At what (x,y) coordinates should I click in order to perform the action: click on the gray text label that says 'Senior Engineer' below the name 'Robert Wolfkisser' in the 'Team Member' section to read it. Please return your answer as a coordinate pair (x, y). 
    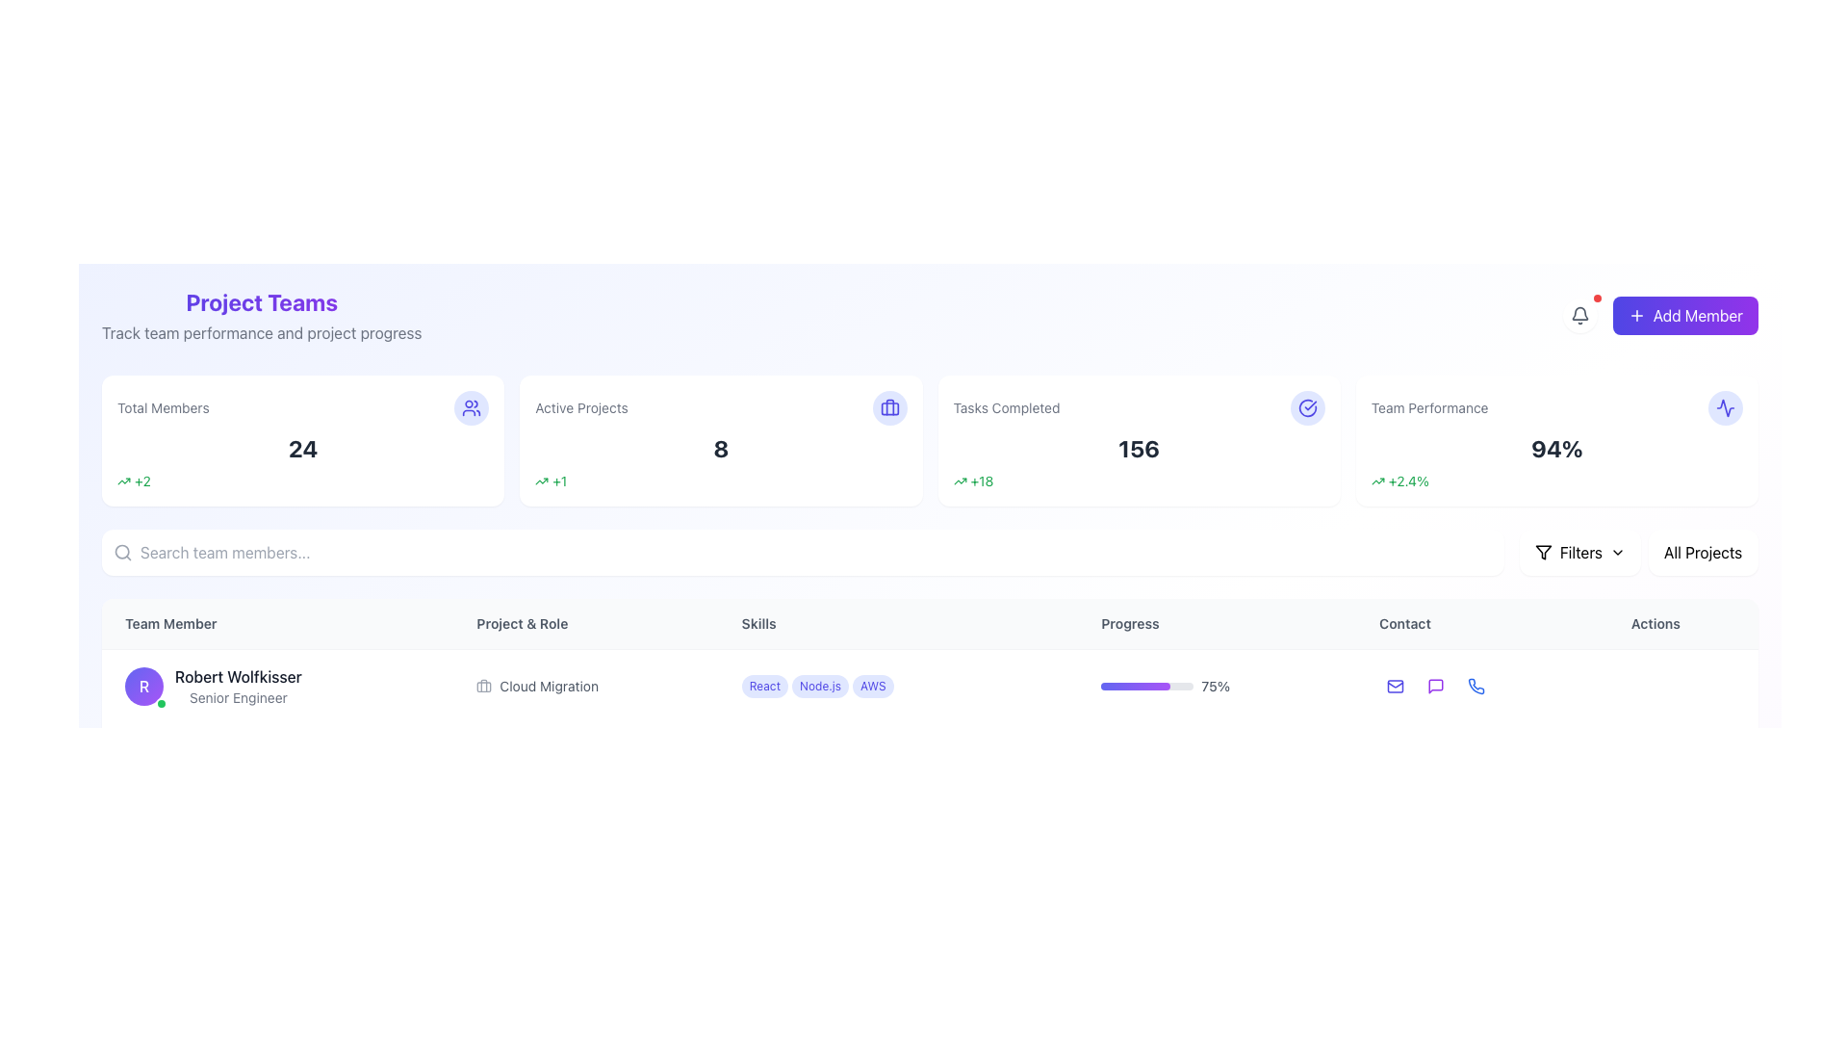
    Looking at the image, I should click on (237, 698).